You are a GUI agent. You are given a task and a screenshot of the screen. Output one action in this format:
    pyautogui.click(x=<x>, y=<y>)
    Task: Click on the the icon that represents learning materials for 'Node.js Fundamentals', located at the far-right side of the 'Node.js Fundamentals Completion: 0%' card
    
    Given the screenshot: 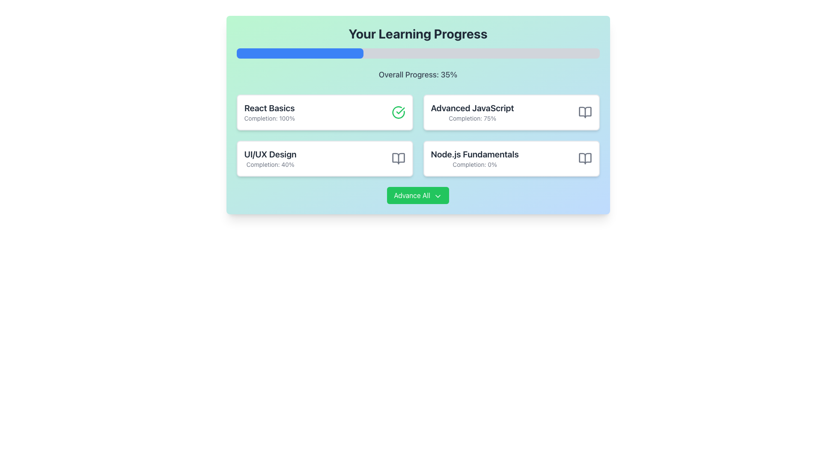 What is the action you would take?
    pyautogui.click(x=584, y=158)
    